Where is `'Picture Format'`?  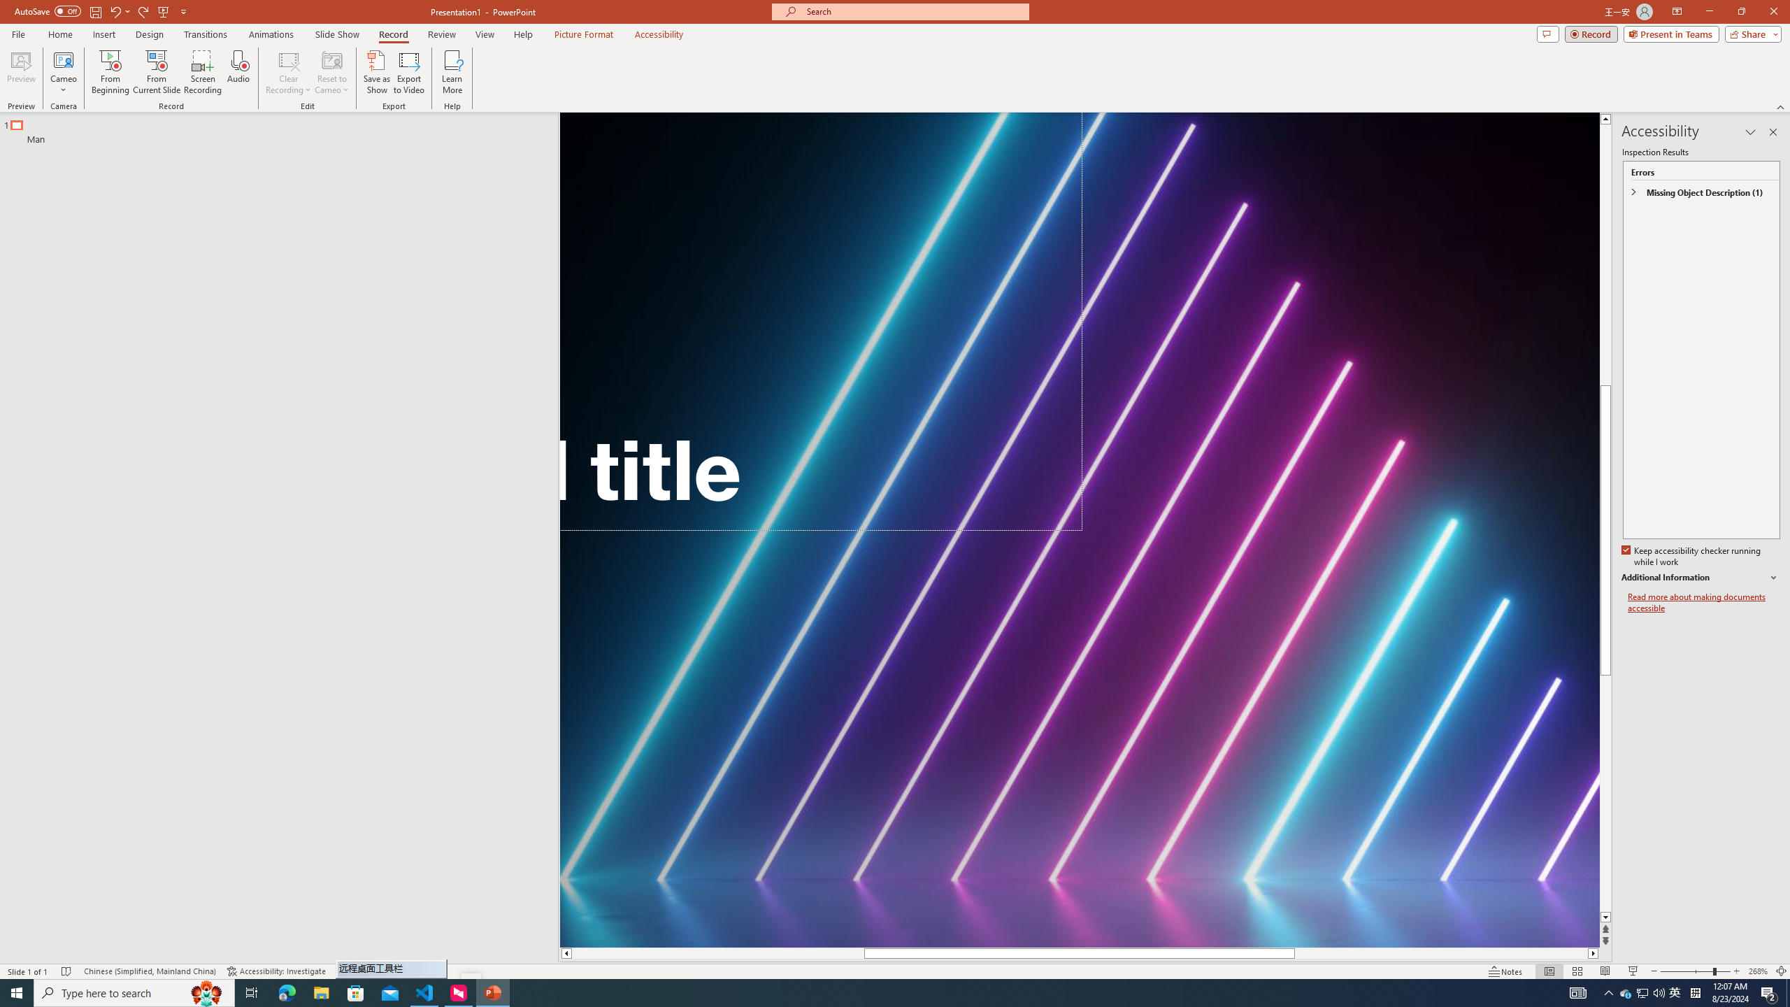
'Picture Format' is located at coordinates (584, 34).